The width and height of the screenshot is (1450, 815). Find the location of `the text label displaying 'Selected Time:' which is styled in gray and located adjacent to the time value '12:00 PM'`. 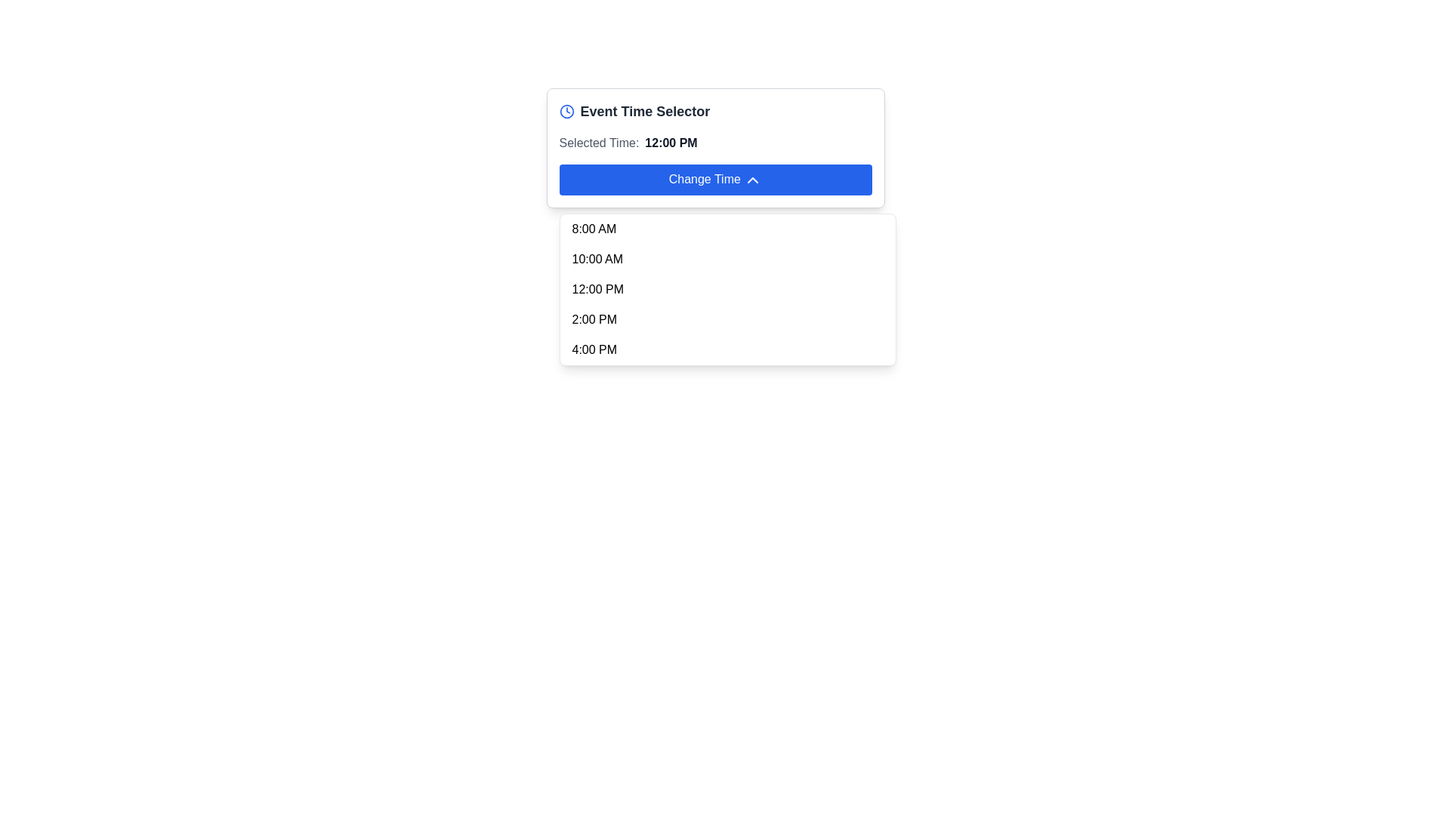

the text label displaying 'Selected Time:' which is styled in gray and located adjacent to the time value '12:00 PM' is located at coordinates (598, 143).